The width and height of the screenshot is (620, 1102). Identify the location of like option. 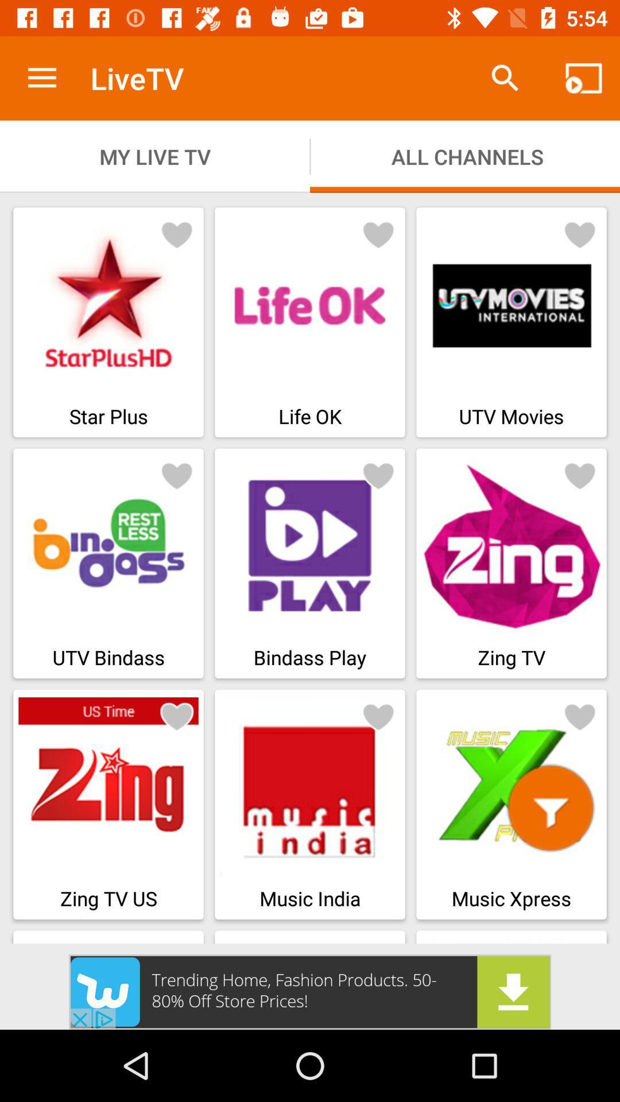
(580, 234).